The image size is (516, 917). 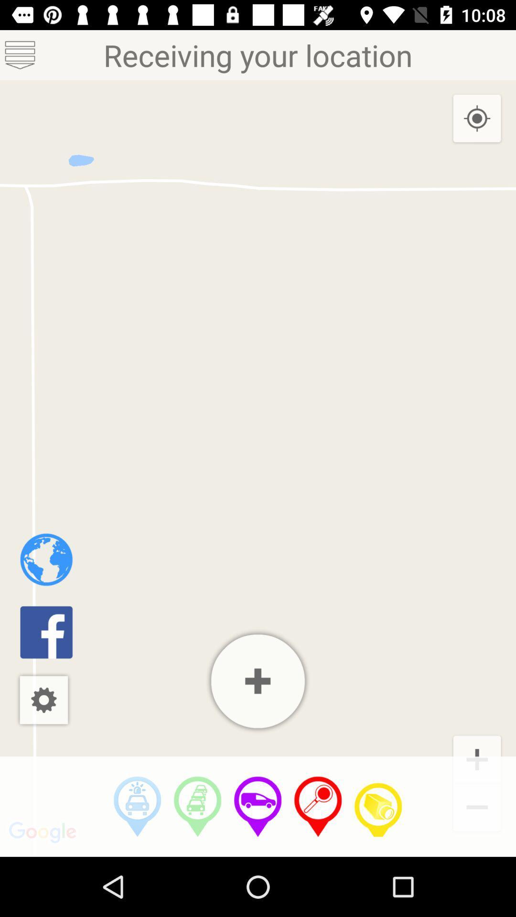 What do you see at coordinates (318, 806) in the screenshot?
I see `button to receive your location` at bounding box center [318, 806].